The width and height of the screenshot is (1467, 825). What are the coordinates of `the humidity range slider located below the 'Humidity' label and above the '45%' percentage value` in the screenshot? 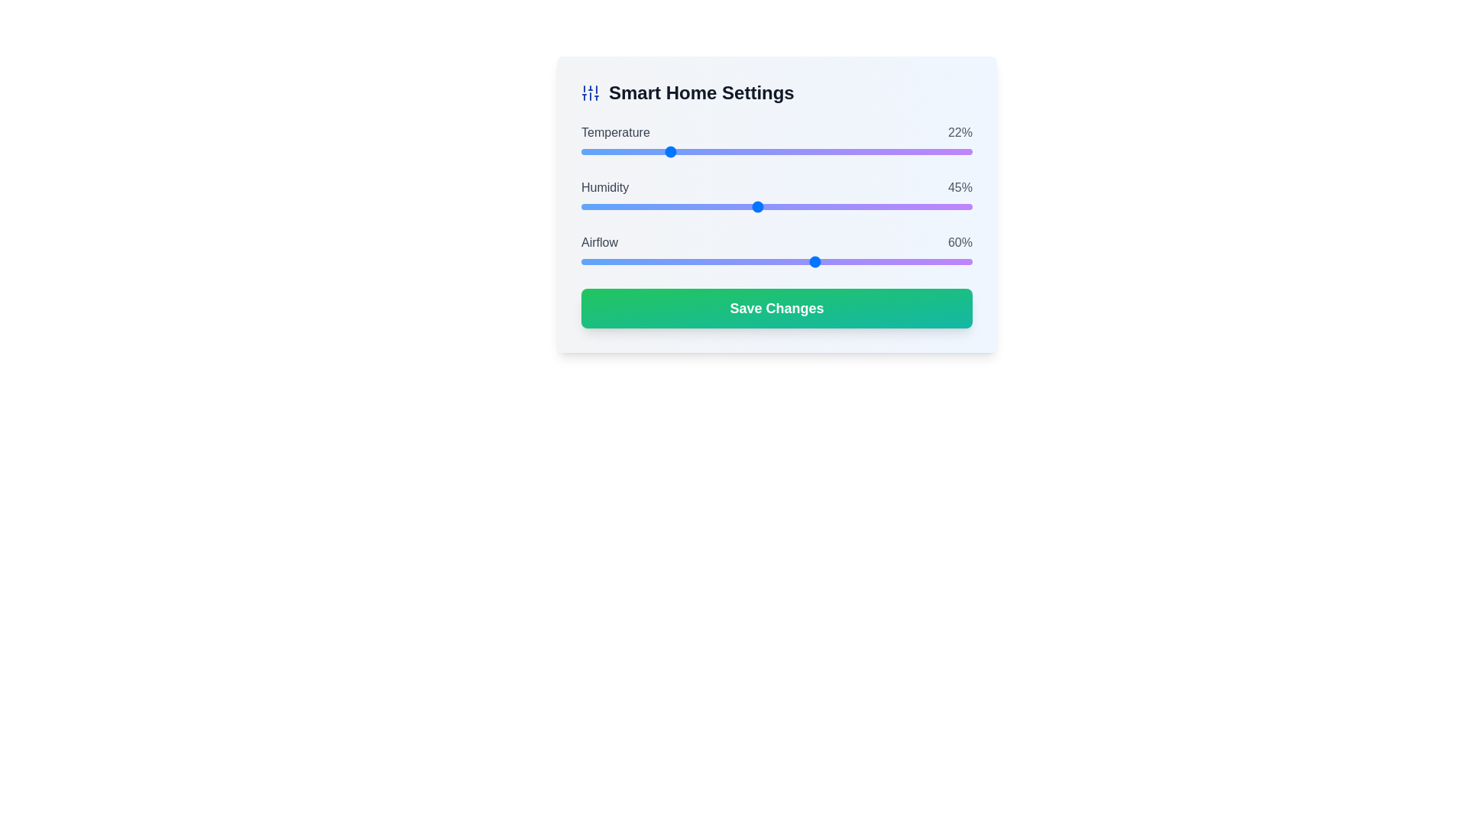 It's located at (777, 206).